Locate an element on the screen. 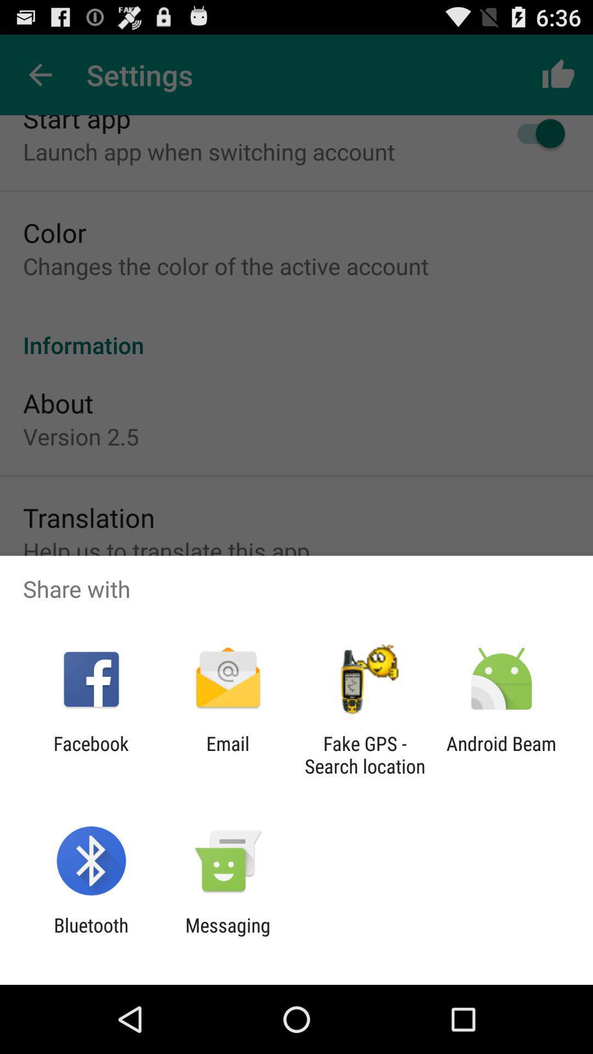  the icon to the left of the fake gps search app is located at coordinates (227, 754).